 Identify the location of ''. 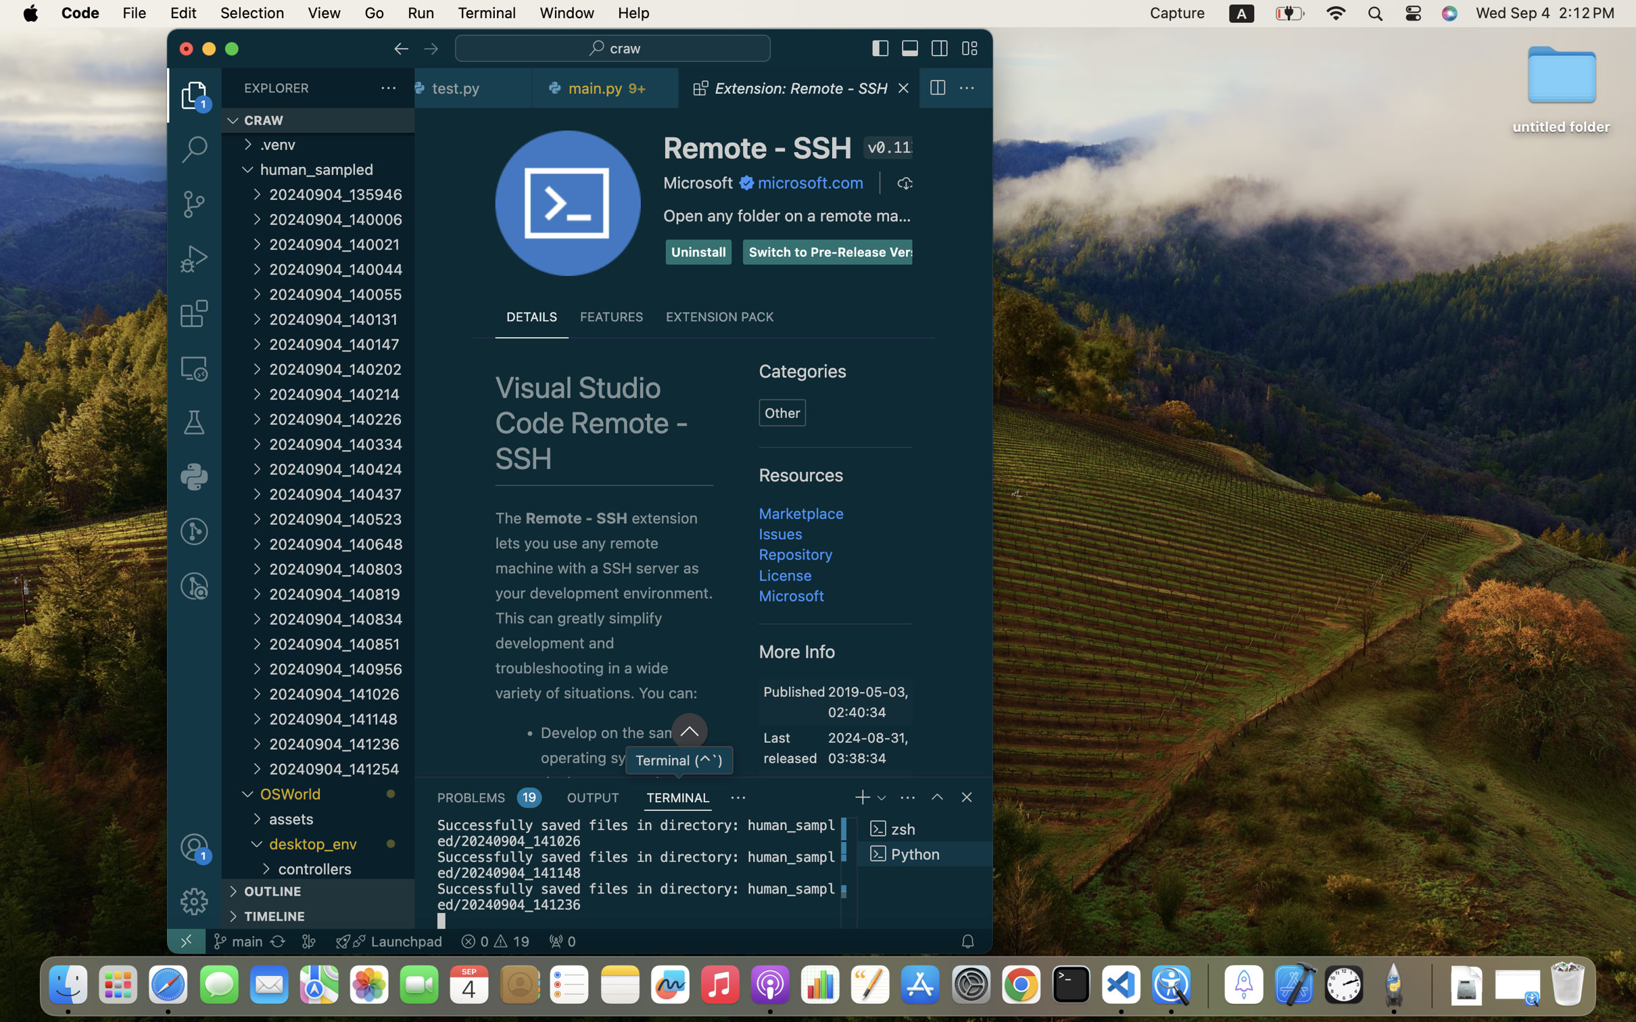
(911, 48).